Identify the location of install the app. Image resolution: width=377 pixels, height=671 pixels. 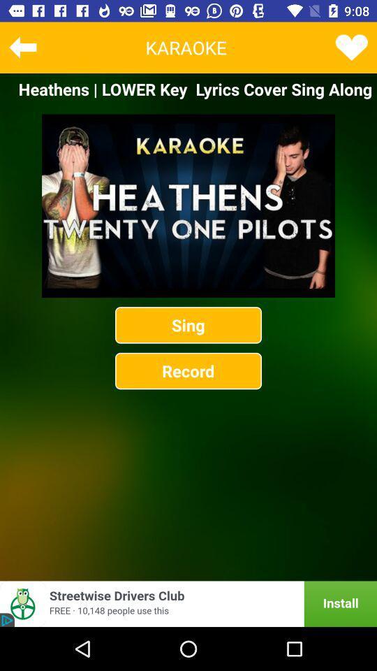
(188, 603).